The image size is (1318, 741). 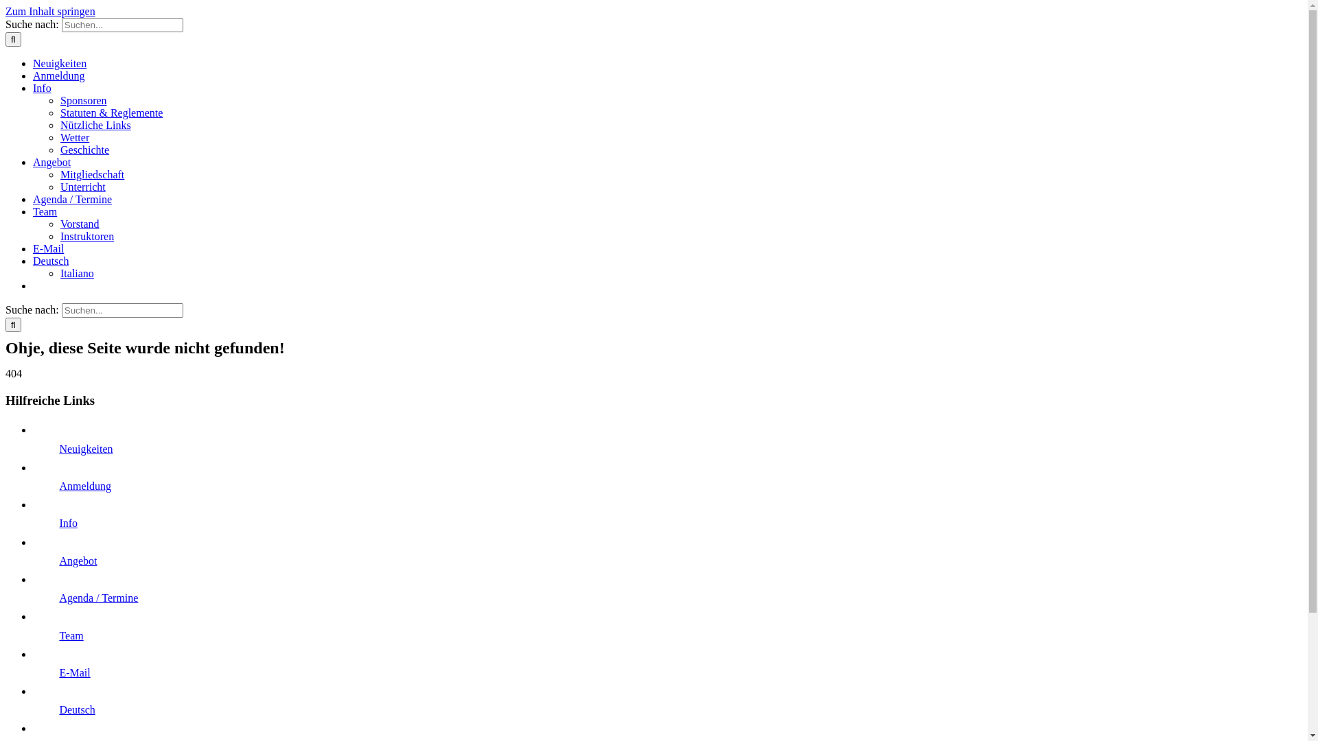 I want to click on 'Instruktoren', so click(x=86, y=235).